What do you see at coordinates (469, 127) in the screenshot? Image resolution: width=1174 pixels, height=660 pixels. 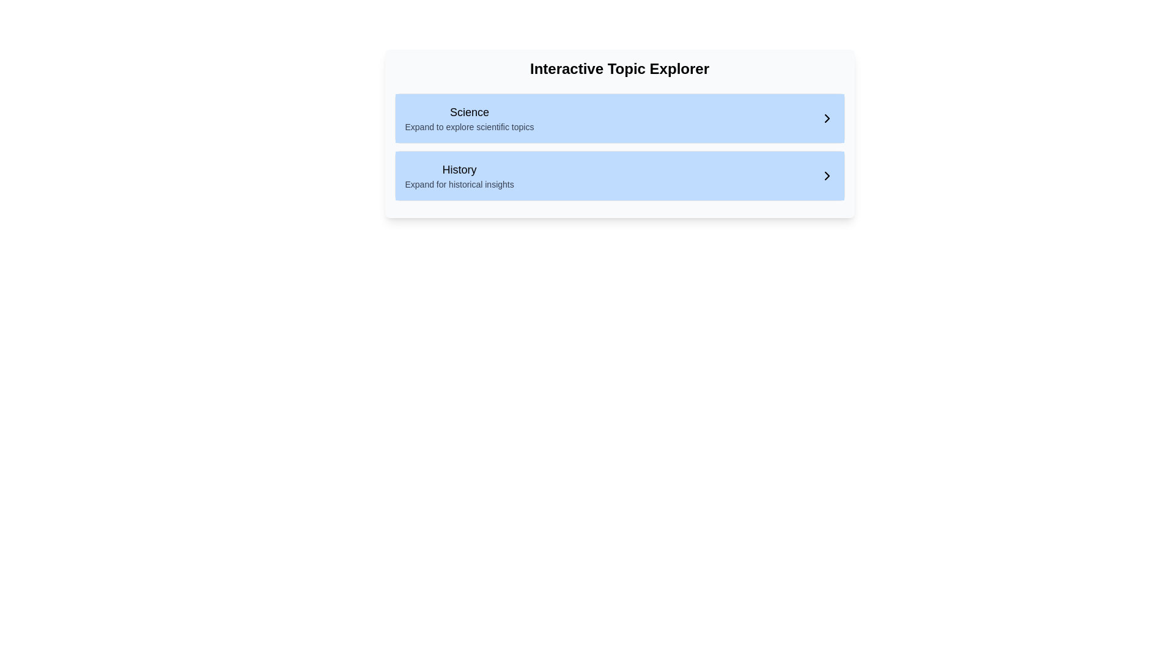 I see `the text label that reads 'Expand` at bounding box center [469, 127].